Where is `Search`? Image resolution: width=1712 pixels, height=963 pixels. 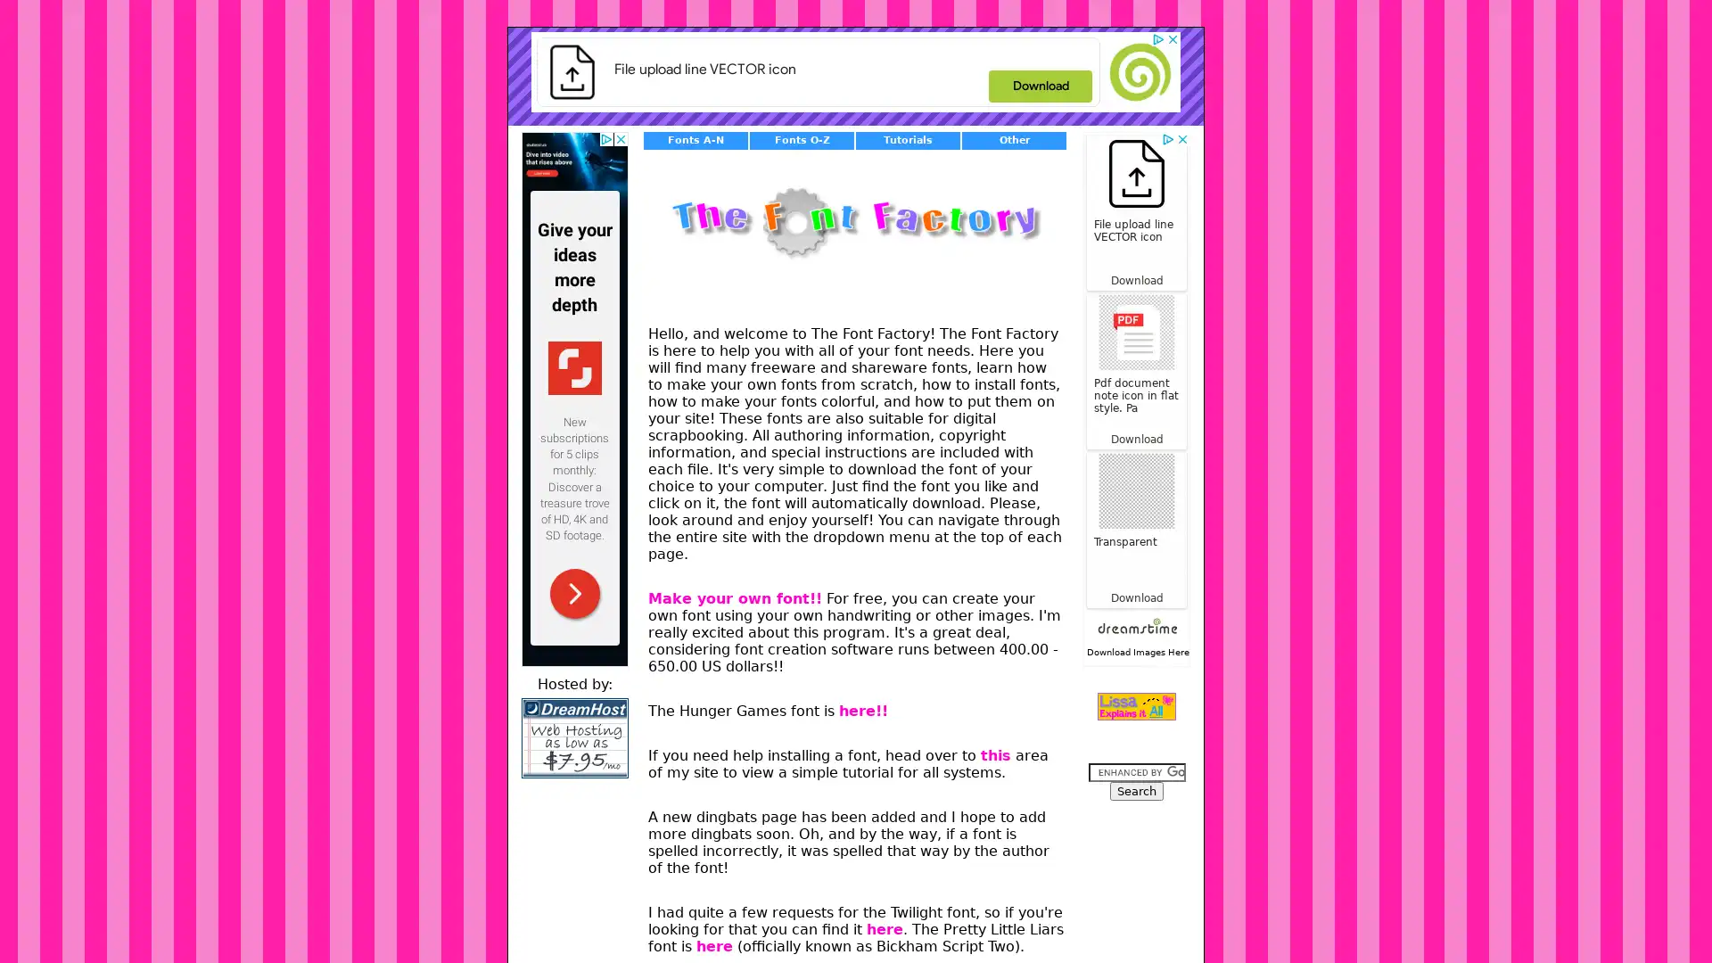
Search is located at coordinates (1136, 790).